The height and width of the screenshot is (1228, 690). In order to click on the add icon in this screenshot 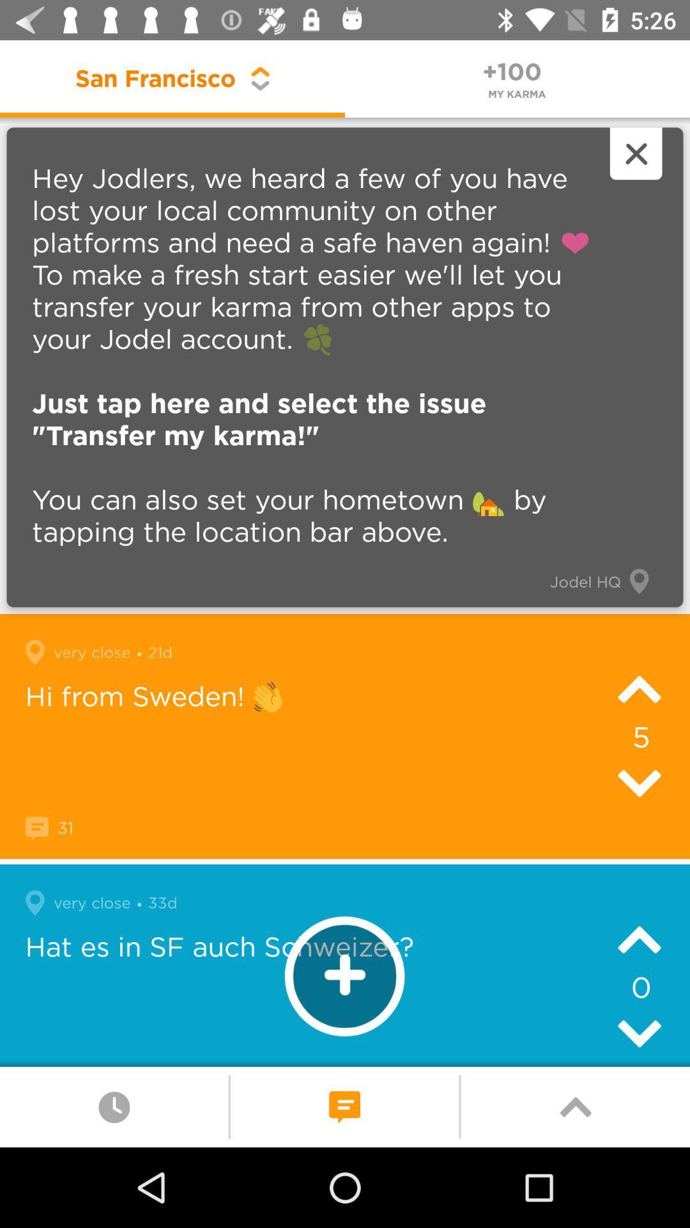, I will do `click(344, 975)`.